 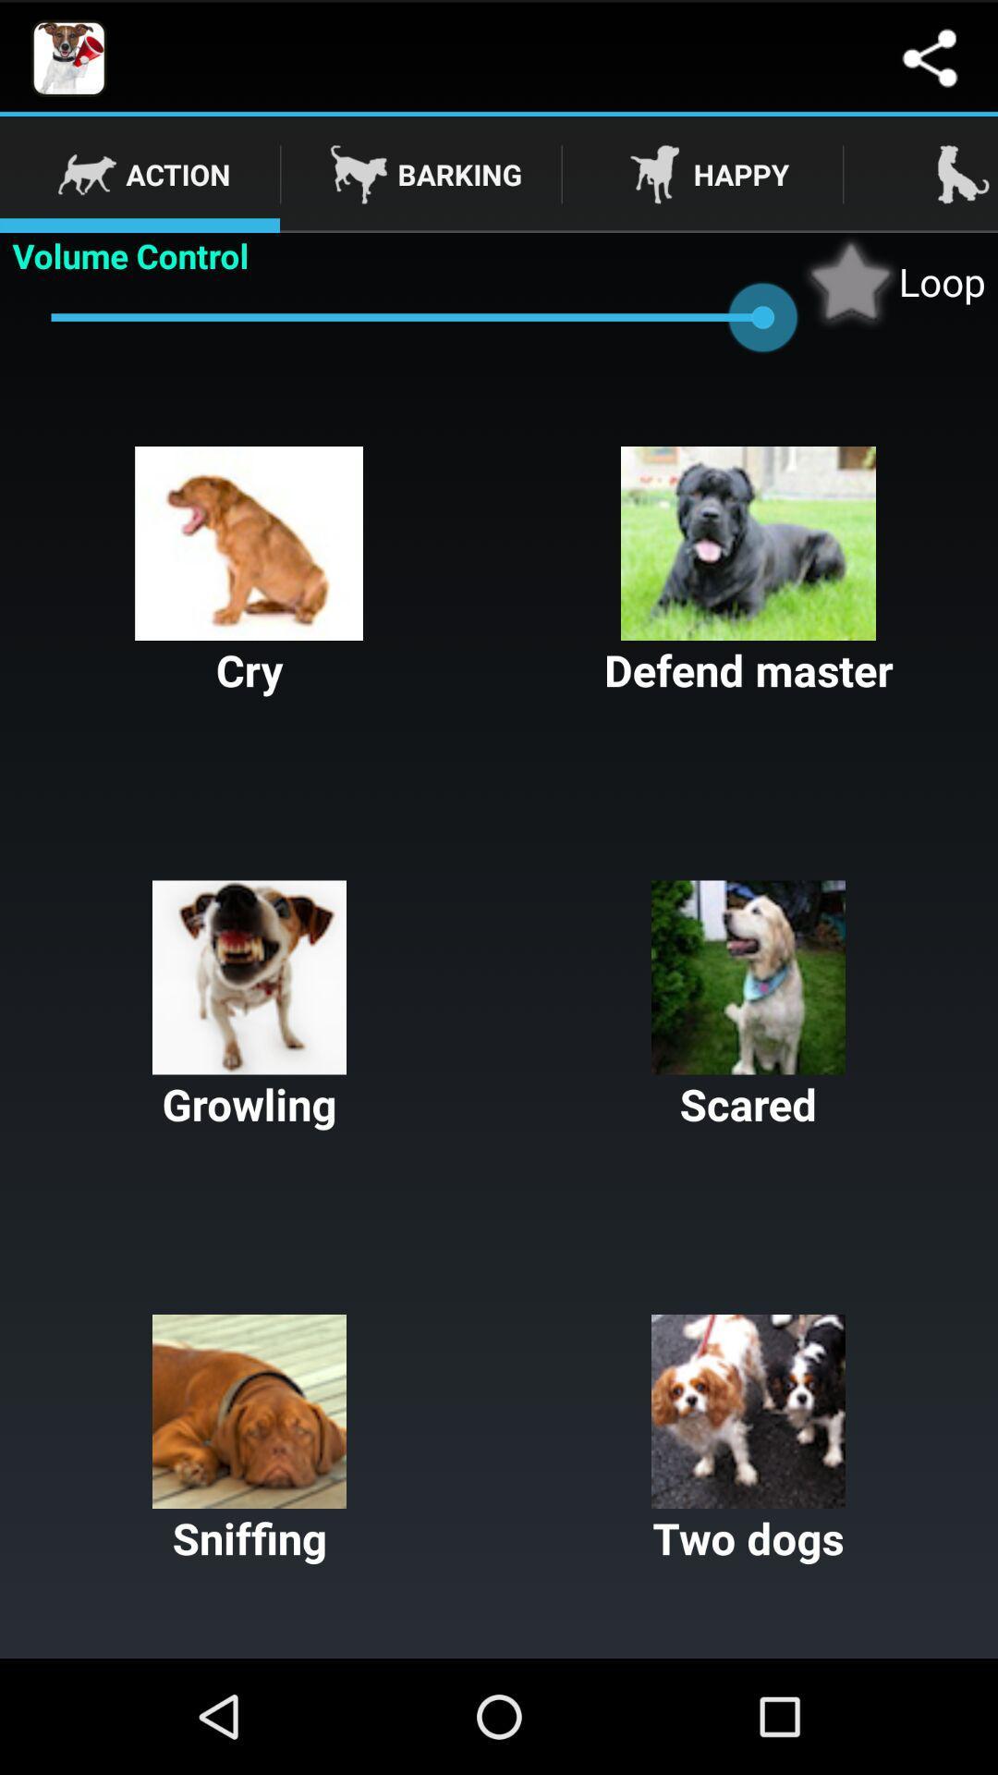 I want to click on item below growling, so click(x=249, y=1439).